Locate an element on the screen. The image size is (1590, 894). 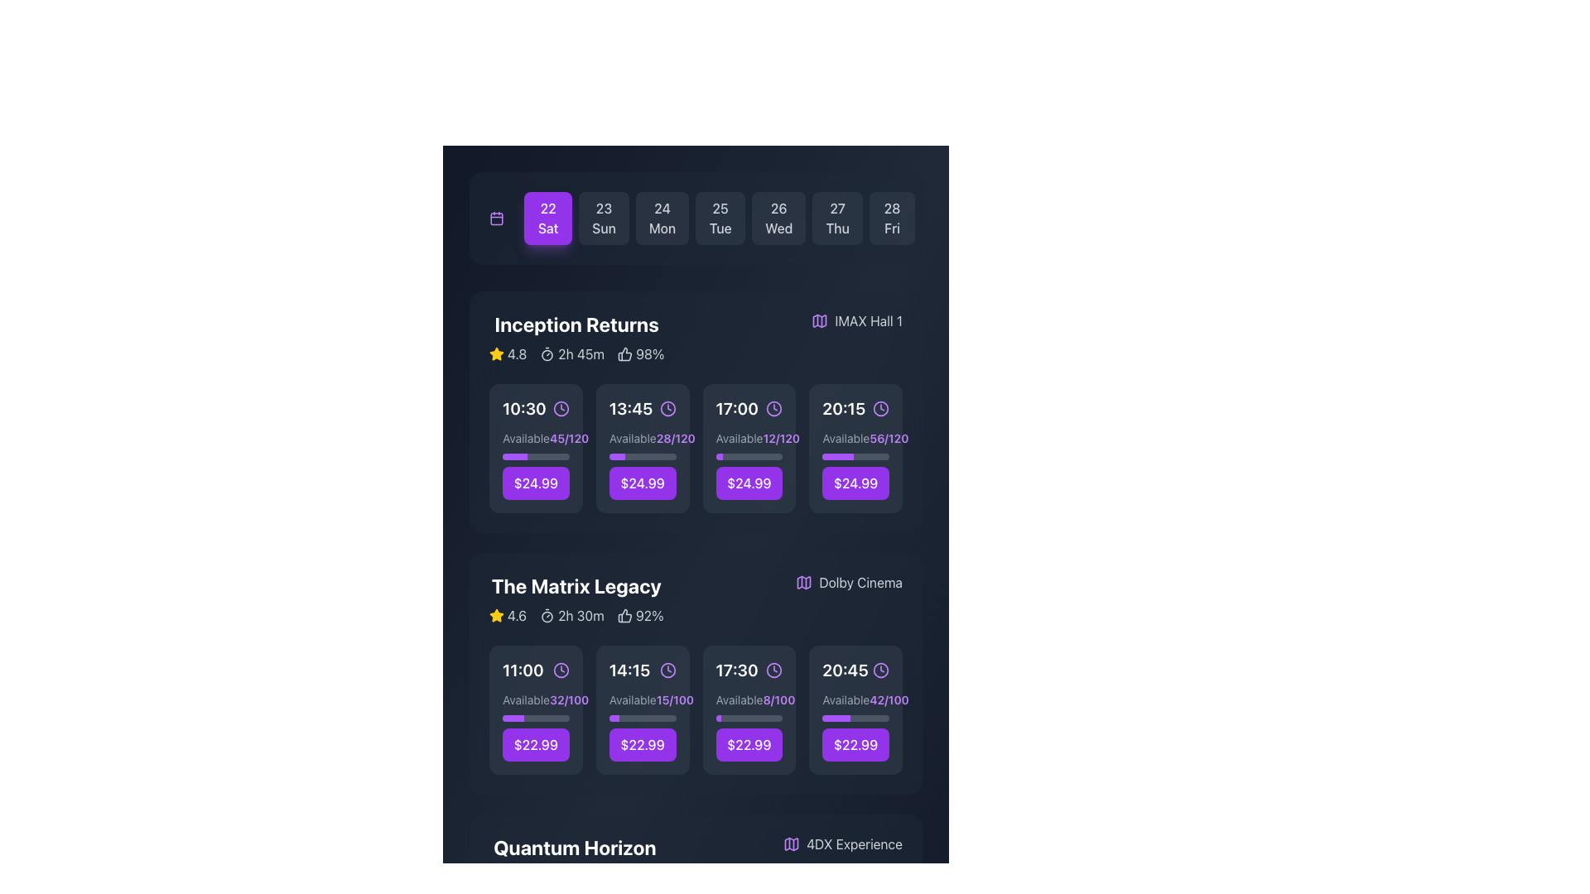
the label displaying 'Available56/120', which is styled with 'Available' in gray and '56/120' in purple, located in the last column under the 'Inception Returns' section, above a progress bar and a price button is located at coordinates (855, 437).